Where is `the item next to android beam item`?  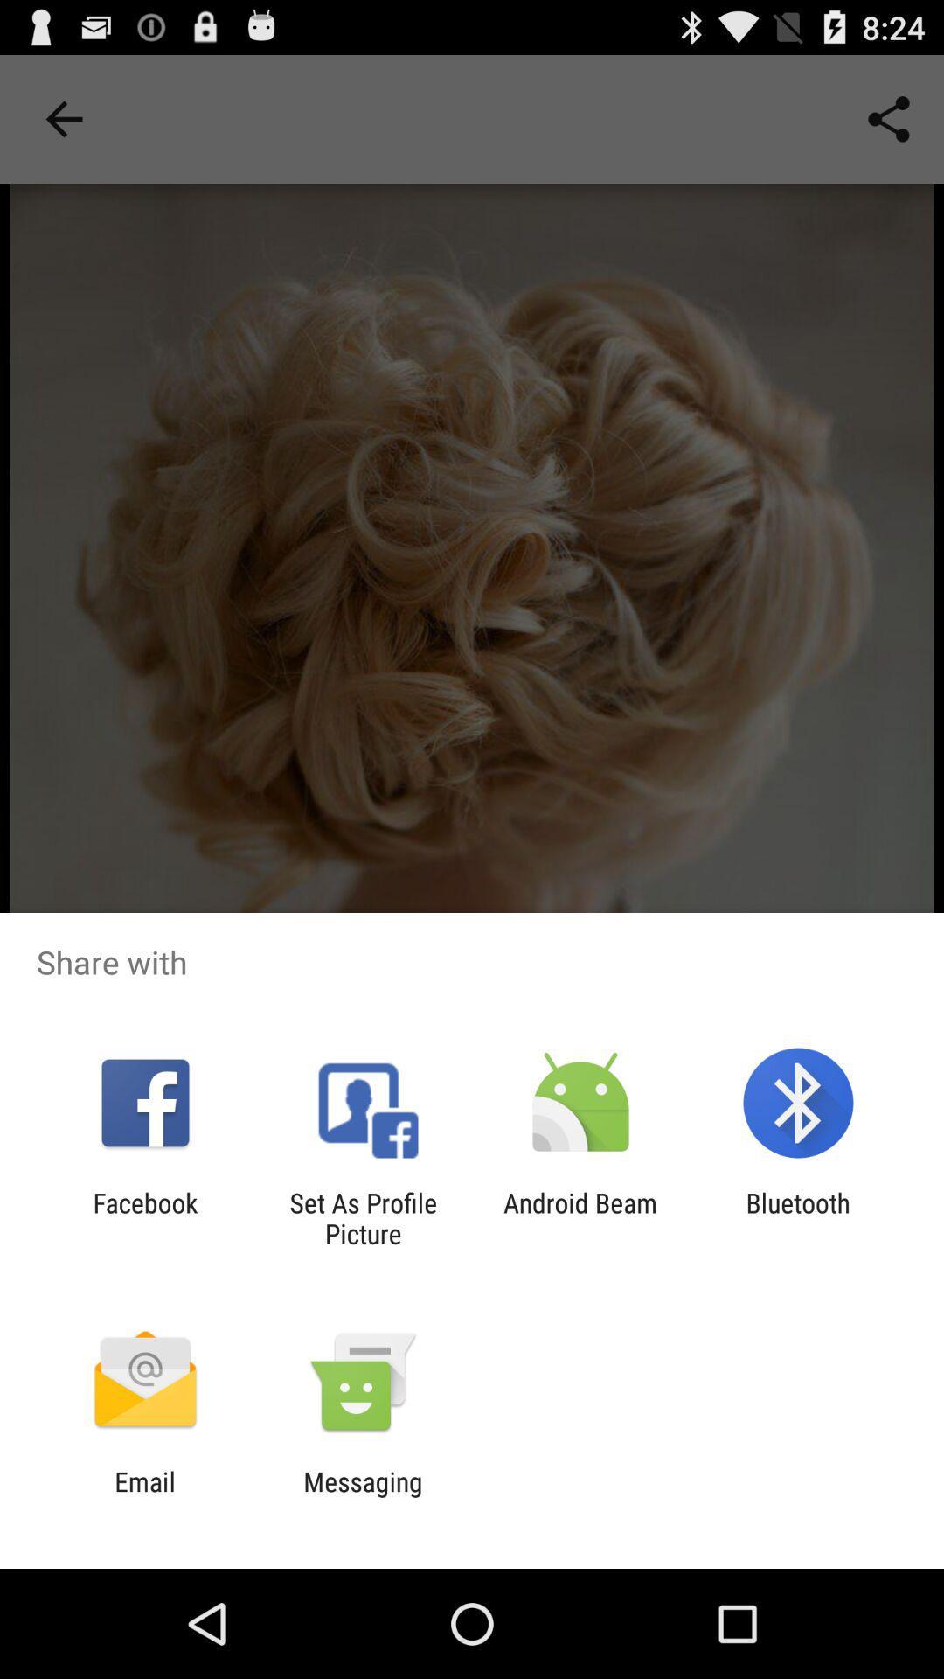 the item next to android beam item is located at coordinates (362, 1217).